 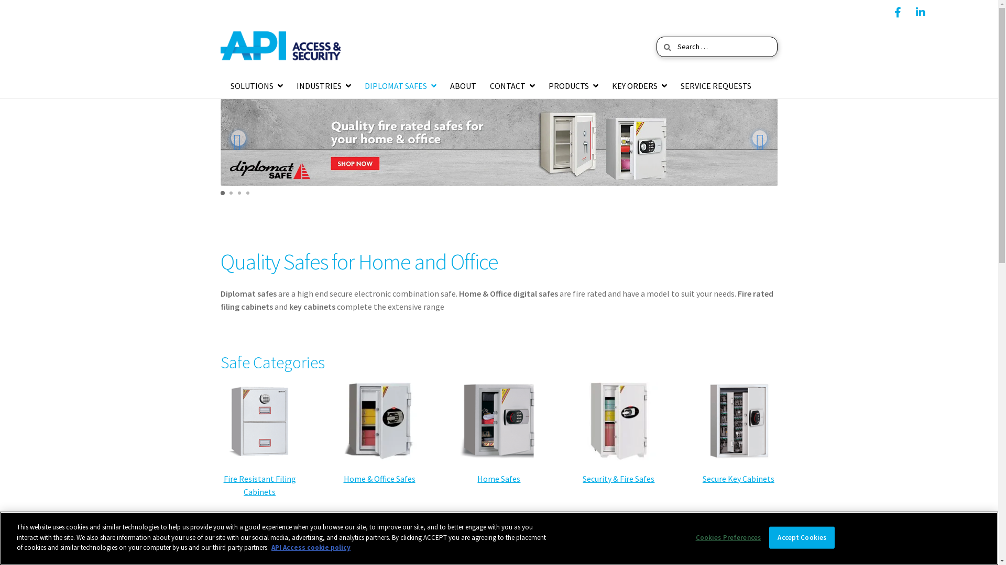 I want to click on 'SERVICE REQUESTS', so click(x=715, y=86).